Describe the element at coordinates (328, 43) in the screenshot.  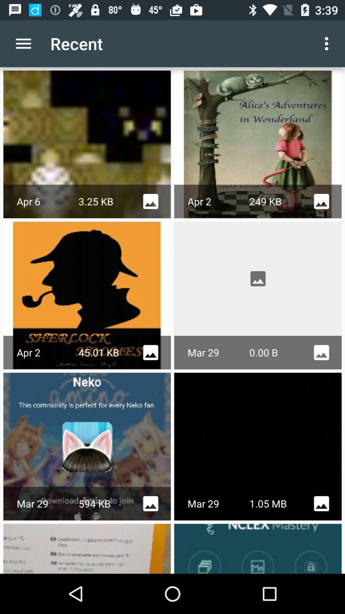
I see `item next to the recent item` at that location.